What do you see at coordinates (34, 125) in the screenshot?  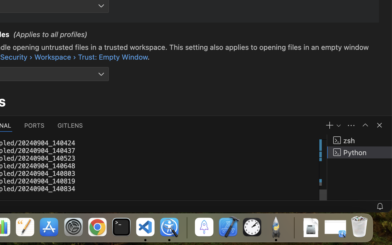 I see `'0 PORTS'` at bounding box center [34, 125].